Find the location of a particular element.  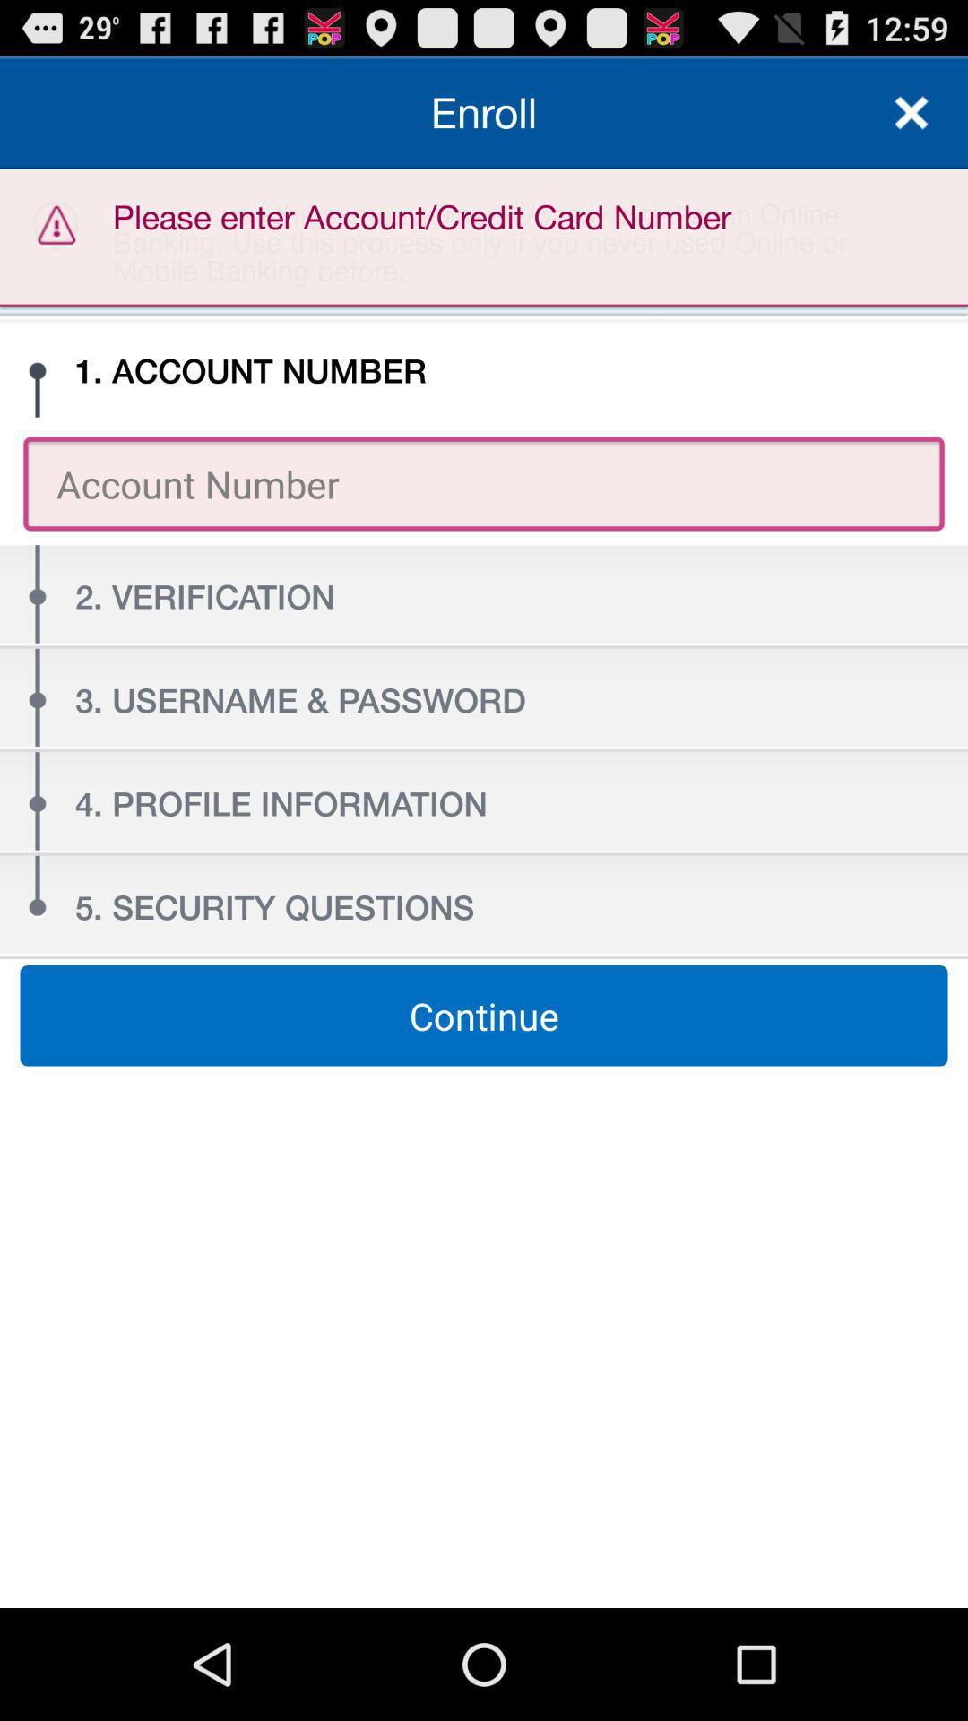

enroll icon is located at coordinates (484, 111).